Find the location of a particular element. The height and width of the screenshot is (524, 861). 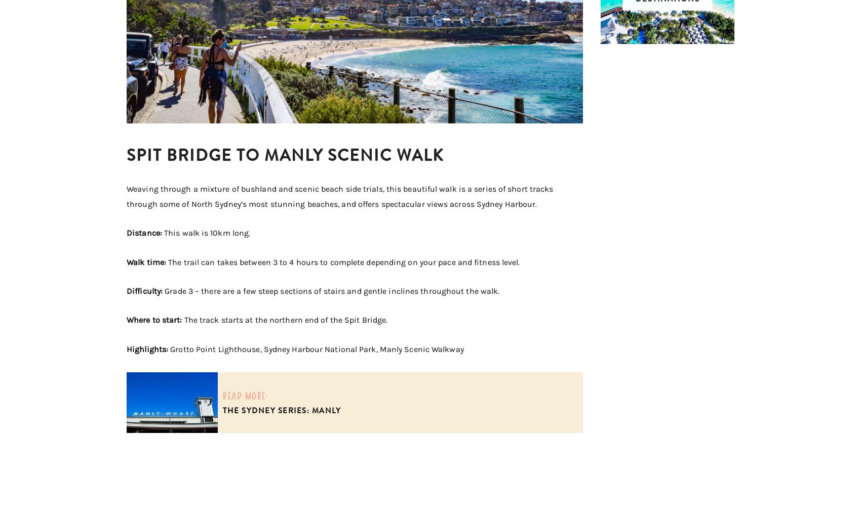

'Grotto Point Lighthouse, Sydney Harbour National Park, Manly Scenic Walkway' is located at coordinates (316, 348).